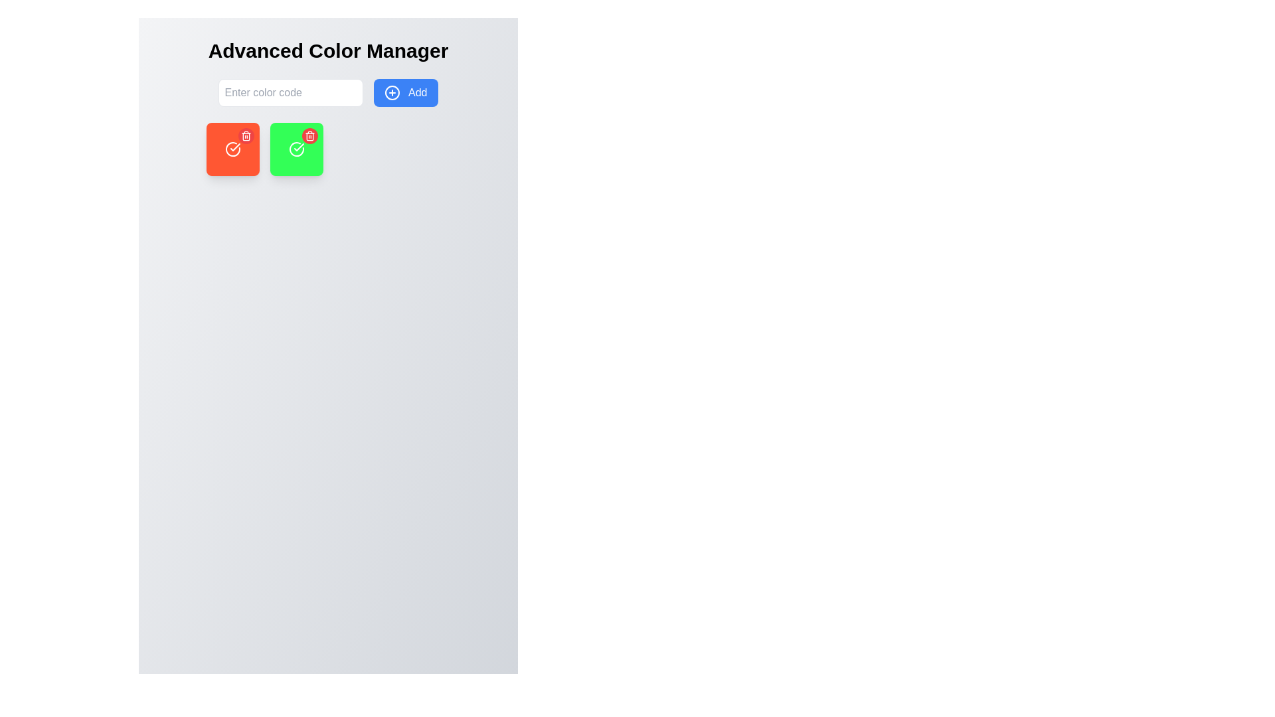  Describe the element at coordinates (296, 149) in the screenshot. I see `the green square button with a checkmark and trash icon` at that location.